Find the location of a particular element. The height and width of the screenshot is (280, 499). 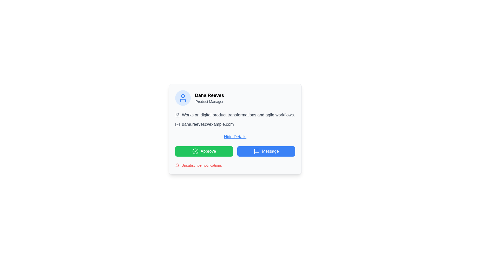

the small gray document icon located to the left of the text 'Works on digital product transformations' in the layout is located at coordinates (177, 115).